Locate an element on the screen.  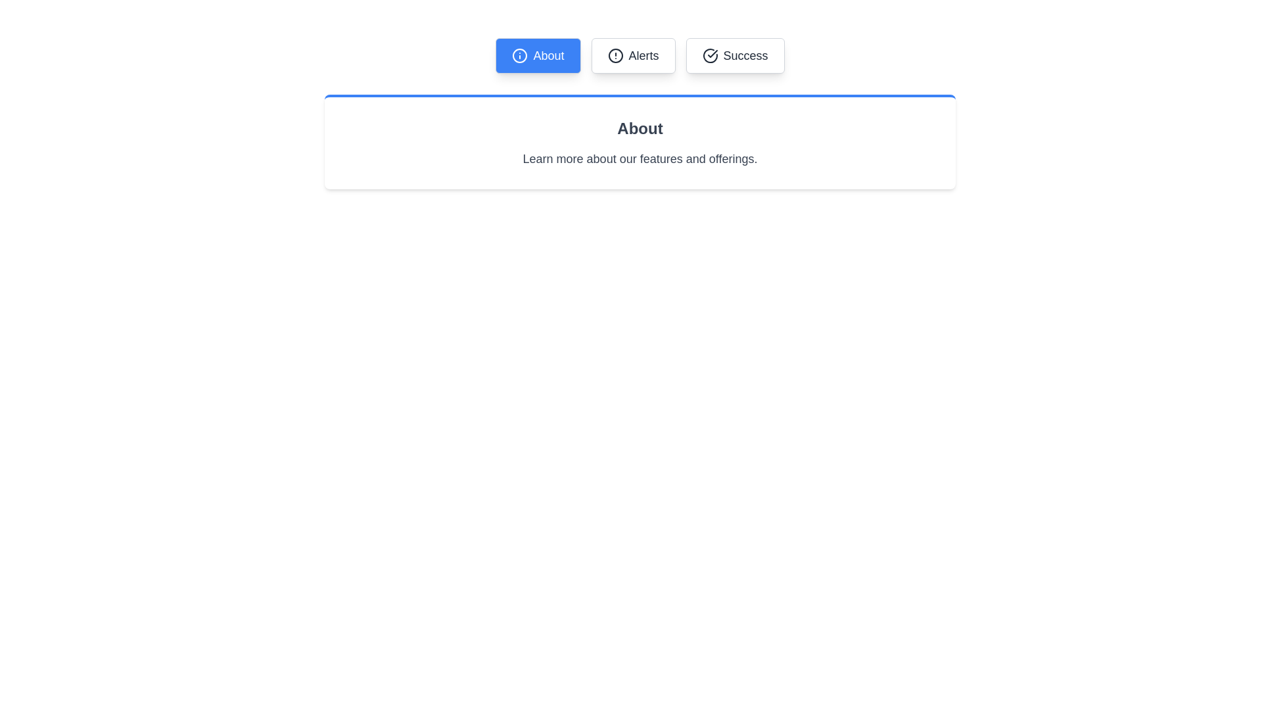
the 'Alerts' button, which is a rectangular button with a white background, gray border, and contains an alert icon and the text 'Alerts' in gray font, located between the 'About' and 'Success' buttons is located at coordinates (633, 55).